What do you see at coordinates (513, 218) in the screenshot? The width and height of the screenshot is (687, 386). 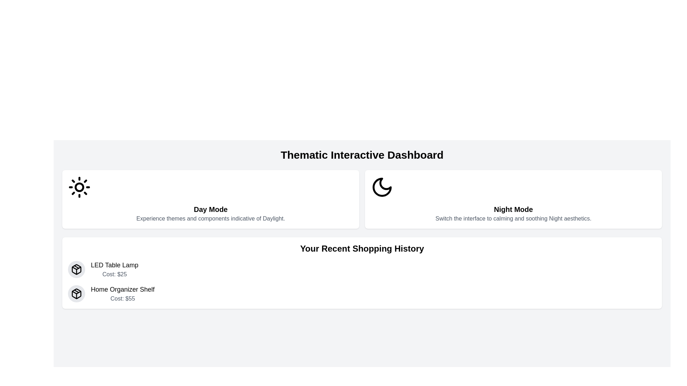 I see `descriptive text label located in the 'Night Mode' section, positioned below the 'Night Mode' title and moon icon` at bounding box center [513, 218].